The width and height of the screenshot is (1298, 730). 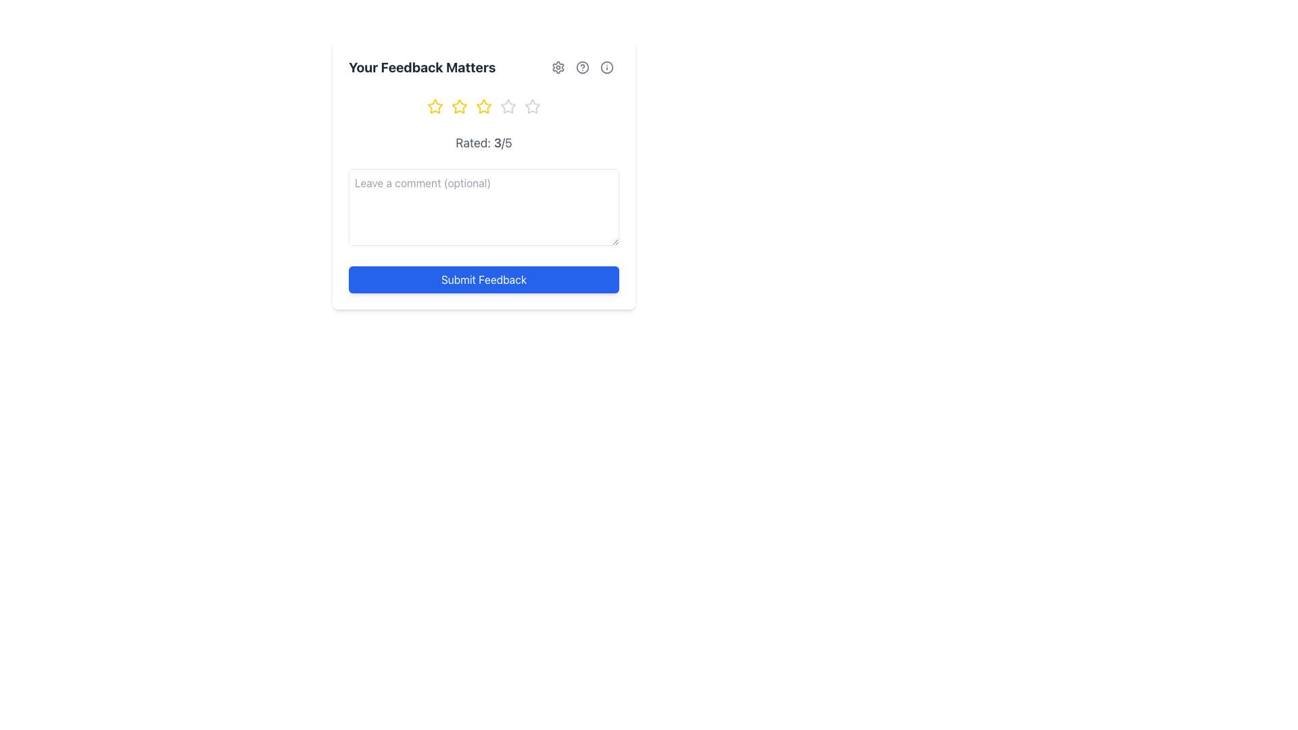 What do you see at coordinates (483, 106) in the screenshot?
I see `the third star in the Rating Selector` at bounding box center [483, 106].